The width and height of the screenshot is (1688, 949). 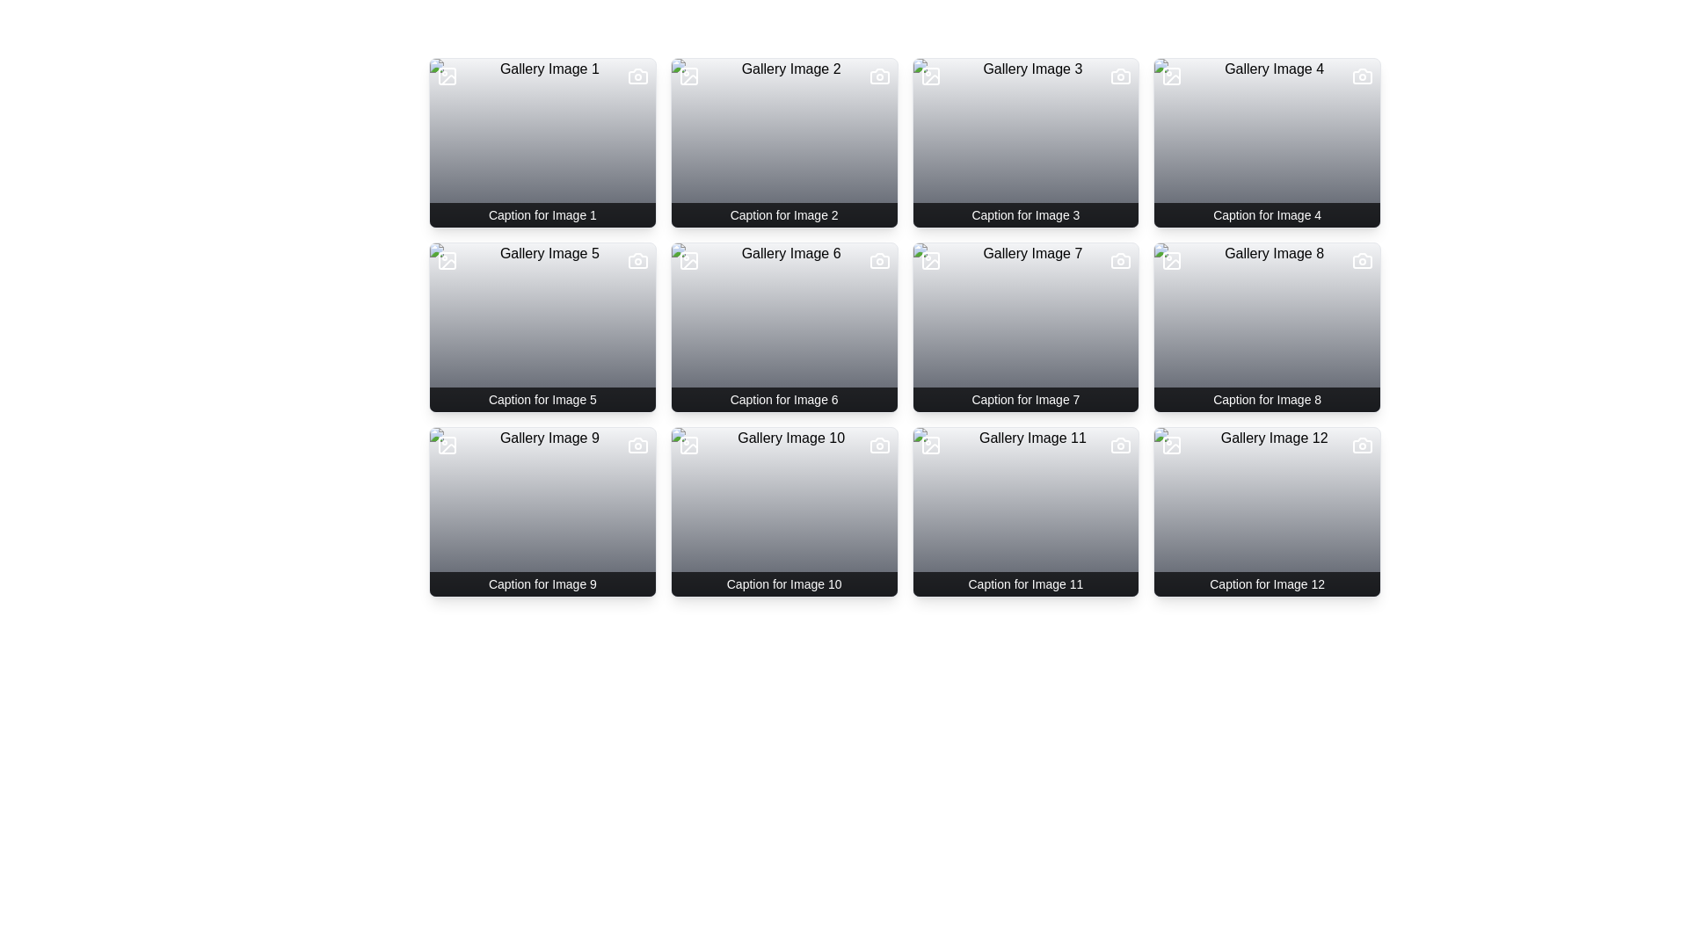 I want to click on the icon located at the top-right corner of the thumbnail labeled 'Caption for Image 7', so click(x=1120, y=261).